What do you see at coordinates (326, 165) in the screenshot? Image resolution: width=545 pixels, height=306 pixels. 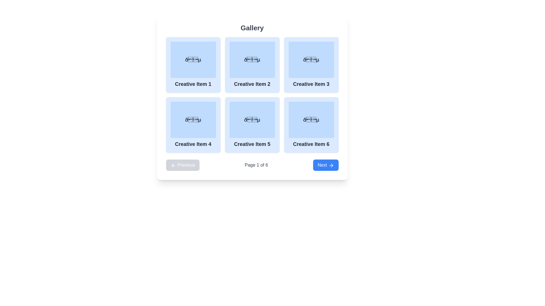 I see `the 'Next' button, which is a rectangular button with white text on a blue background, featuring an arrow icon for navigation, located at the bottom-right corner of the pagination controls` at bounding box center [326, 165].